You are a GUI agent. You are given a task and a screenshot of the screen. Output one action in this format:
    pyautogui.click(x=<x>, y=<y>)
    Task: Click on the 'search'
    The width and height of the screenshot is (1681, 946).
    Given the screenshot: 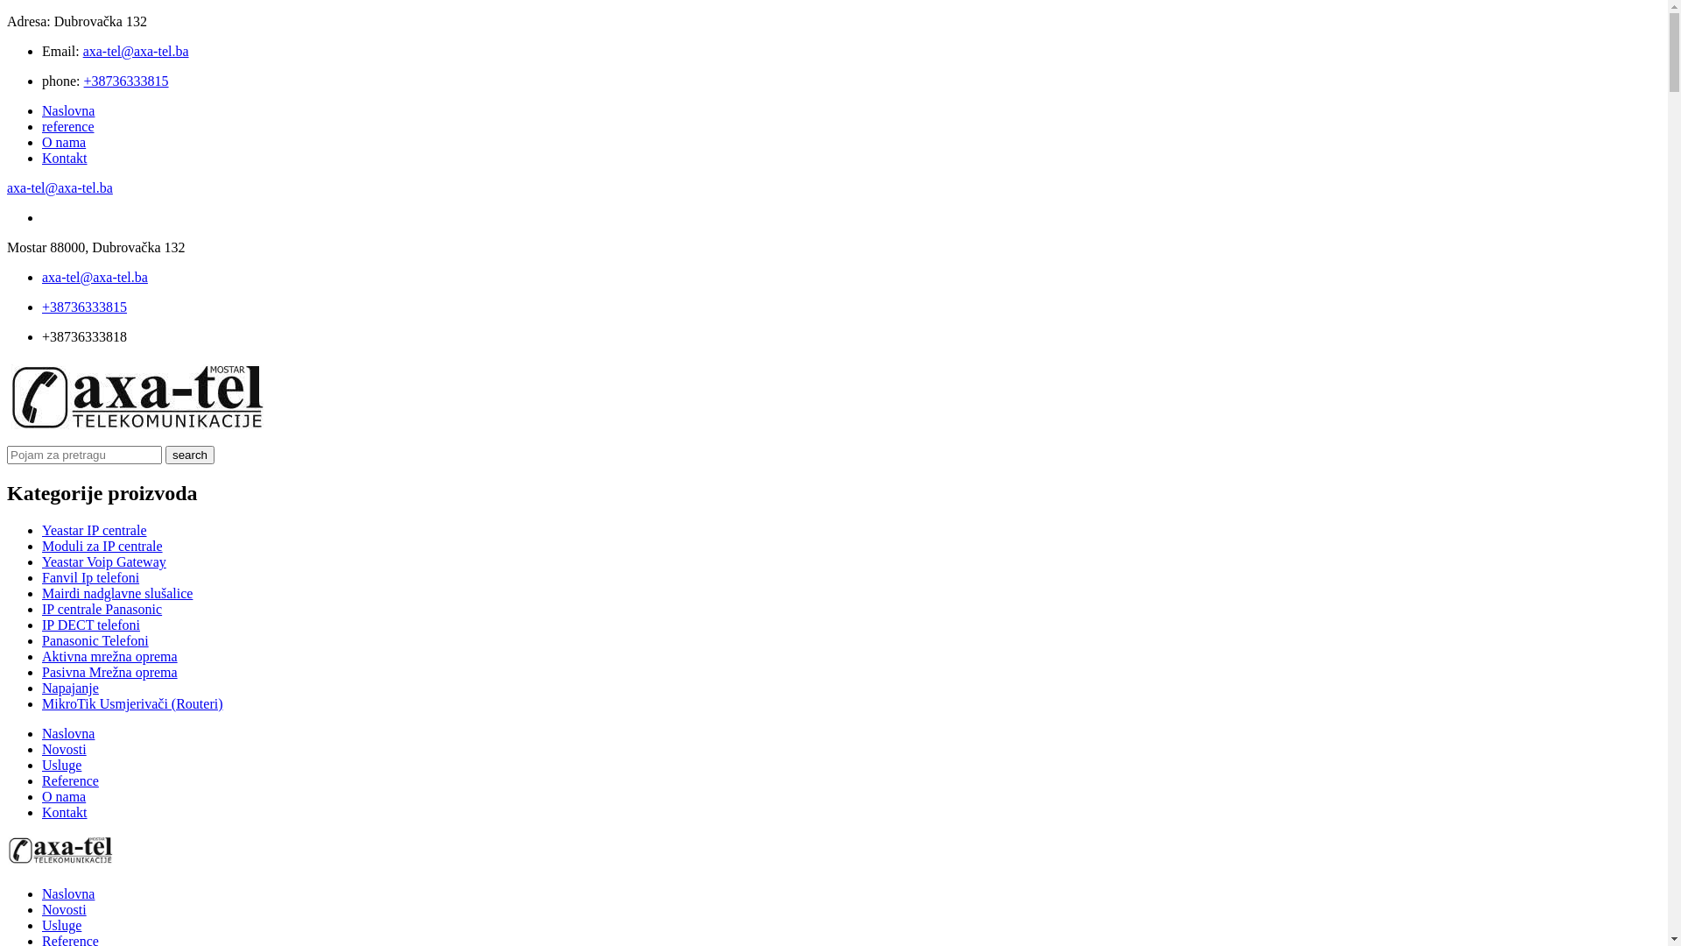 What is the action you would take?
    pyautogui.click(x=189, y=454)
    